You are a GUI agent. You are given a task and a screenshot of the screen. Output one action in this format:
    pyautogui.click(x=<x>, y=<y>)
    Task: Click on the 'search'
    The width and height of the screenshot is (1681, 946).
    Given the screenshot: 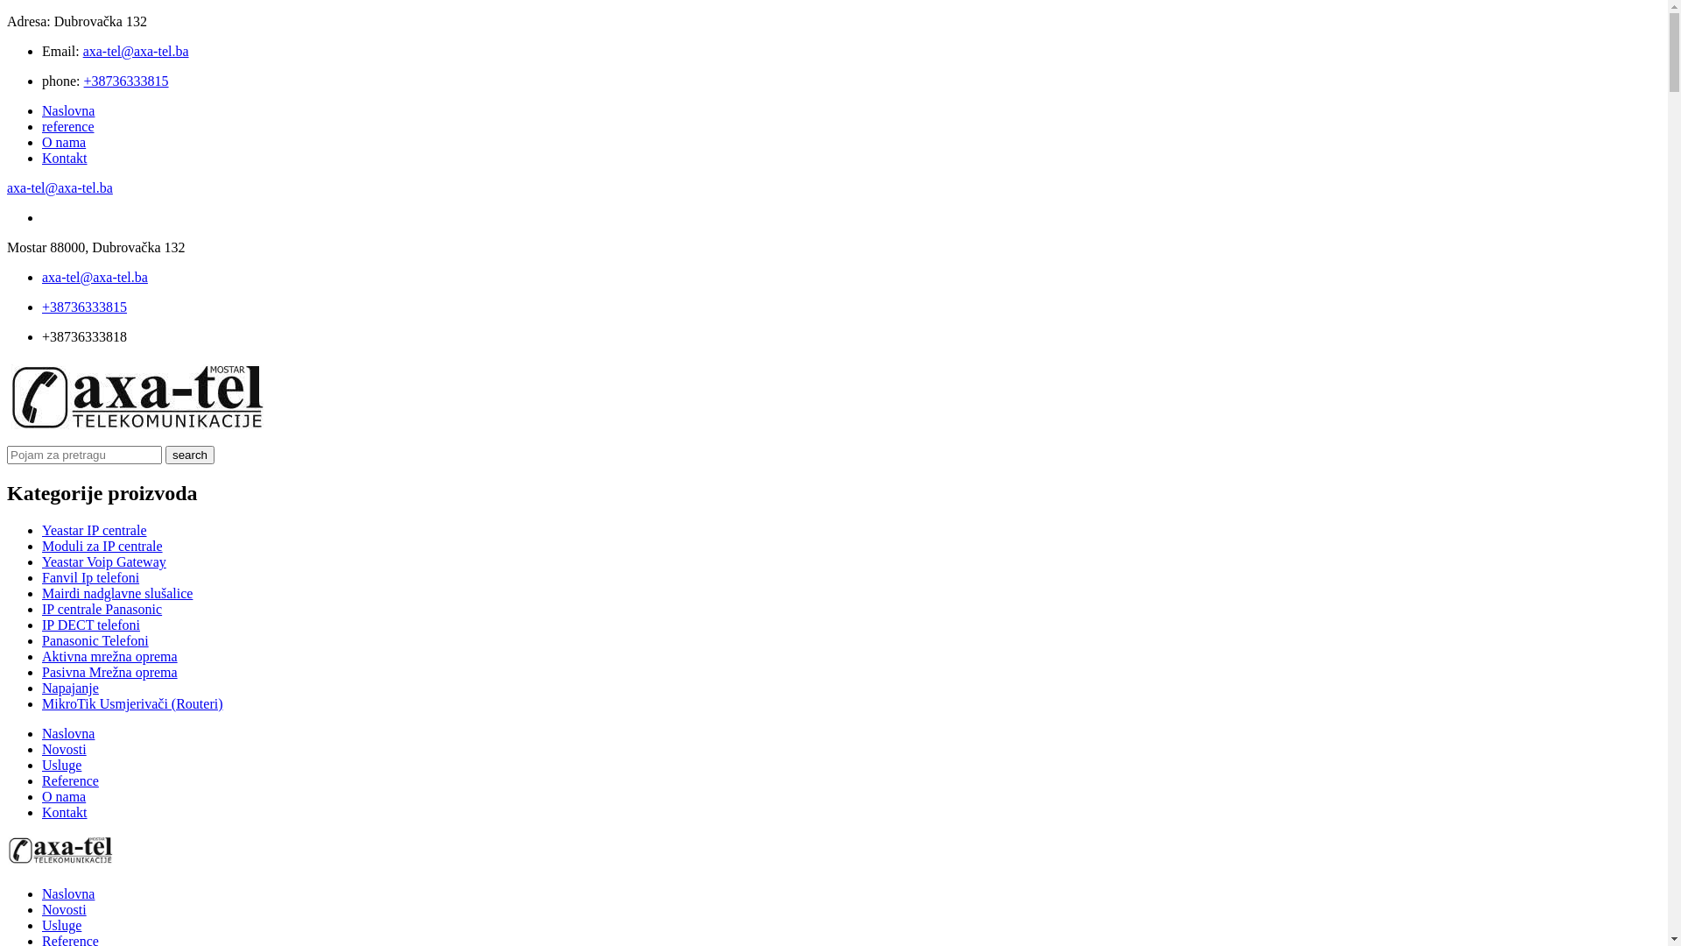 What is the action you would take?
    pyautogui.click(x=189, y=454)
    